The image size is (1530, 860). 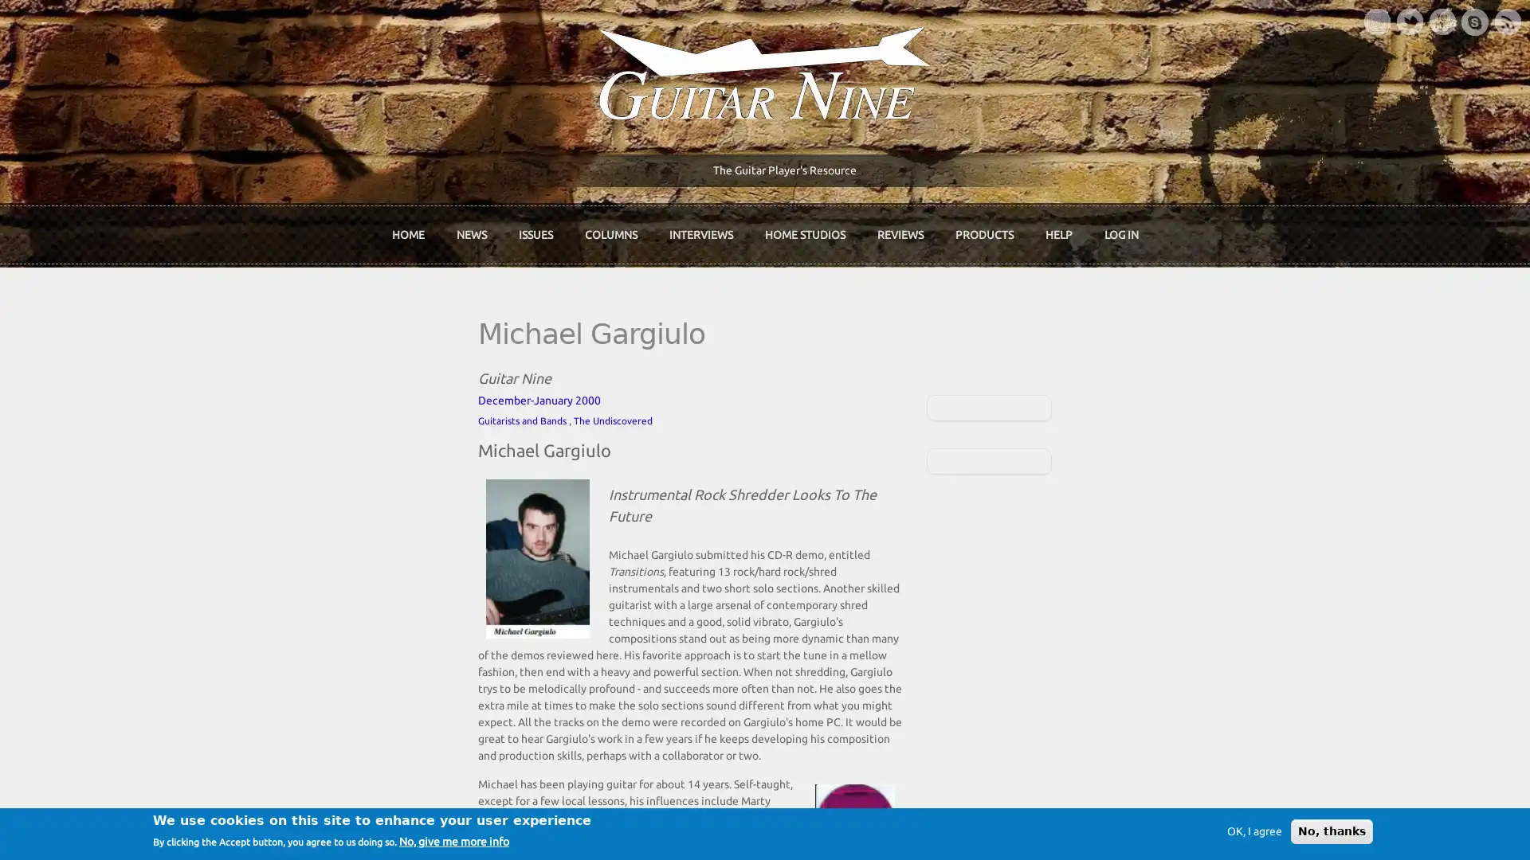 What do you see at coordinates (453, 841) in the screenshot?
I see `No, give me more info` at bounding box center [453, 841].